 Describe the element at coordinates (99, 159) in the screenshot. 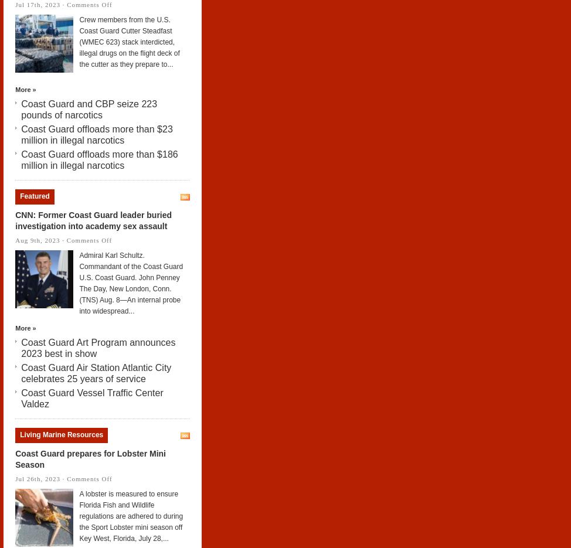

I see `'Coast Guard offloads more than $186 million in illegal narcotics'` at that location.